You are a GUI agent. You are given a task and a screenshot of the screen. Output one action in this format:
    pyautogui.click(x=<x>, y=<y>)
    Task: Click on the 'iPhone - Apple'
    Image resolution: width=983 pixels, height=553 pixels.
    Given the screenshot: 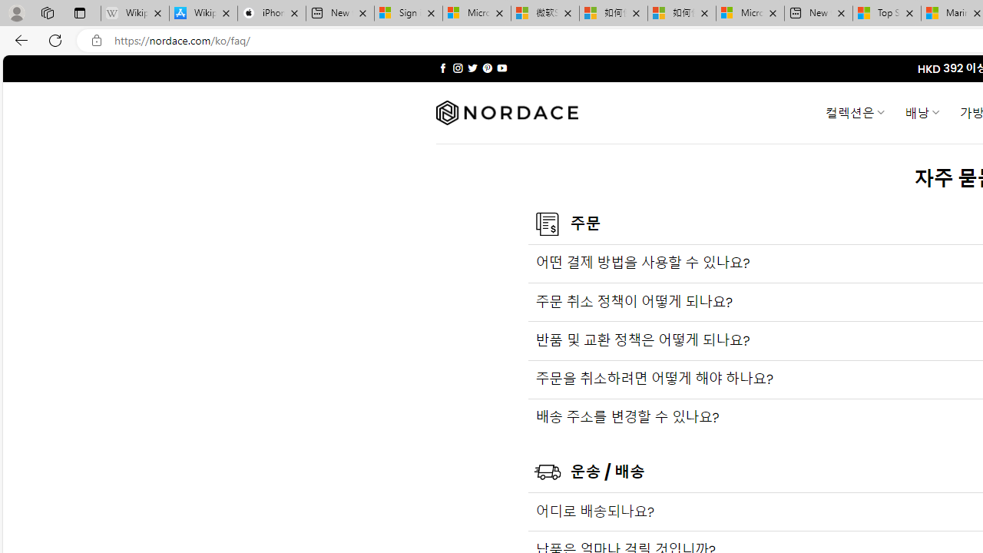 What is the action you would take?
    pyautogui.click(x=271, y=13)
    